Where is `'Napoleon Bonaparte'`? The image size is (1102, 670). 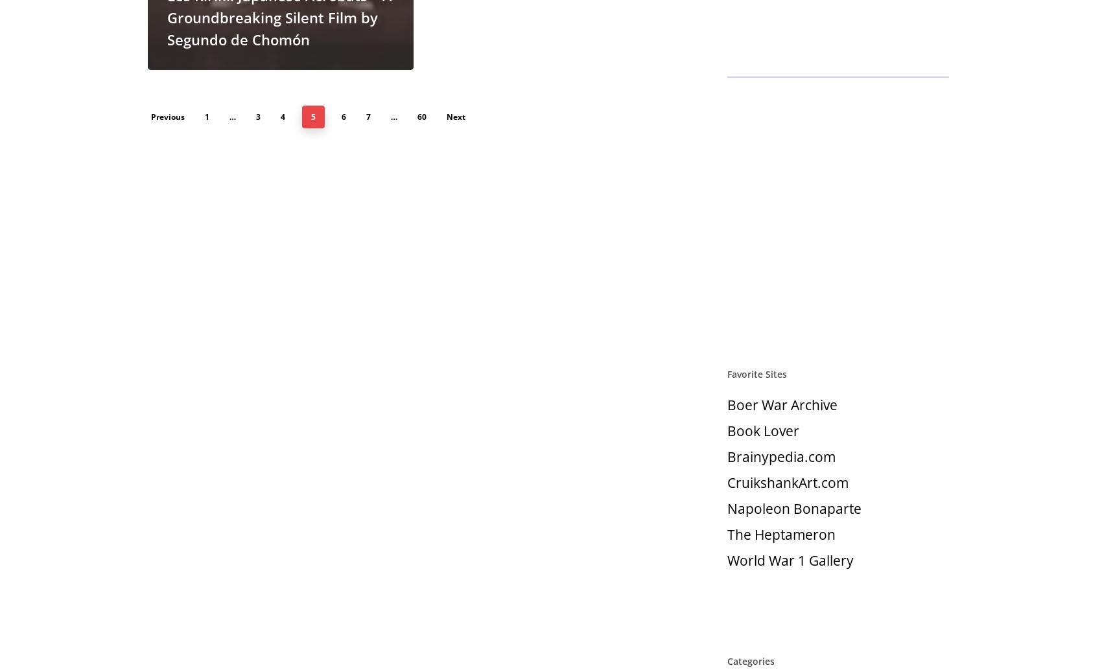
'Napoleon Bonaparte' is located at coordinates (793, 508).